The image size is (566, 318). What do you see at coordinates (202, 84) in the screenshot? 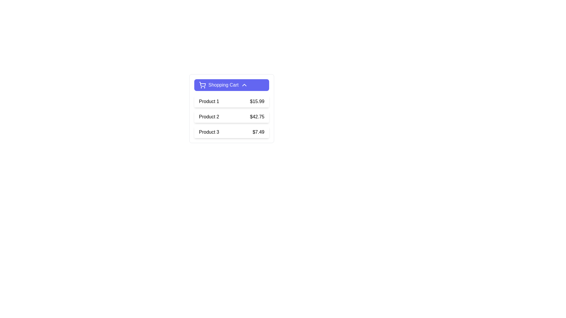
I see `the shopping cart icon located in the top-left corner of the purple header labeled 'Shopping Cart'` at bounding box center [202, 84].